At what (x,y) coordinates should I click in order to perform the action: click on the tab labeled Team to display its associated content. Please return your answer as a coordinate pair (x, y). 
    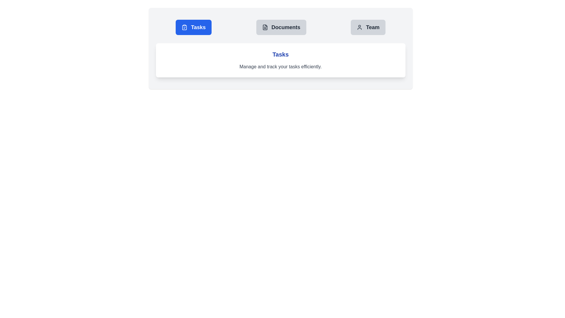
    Looking at the image, I should click on (368, 27).